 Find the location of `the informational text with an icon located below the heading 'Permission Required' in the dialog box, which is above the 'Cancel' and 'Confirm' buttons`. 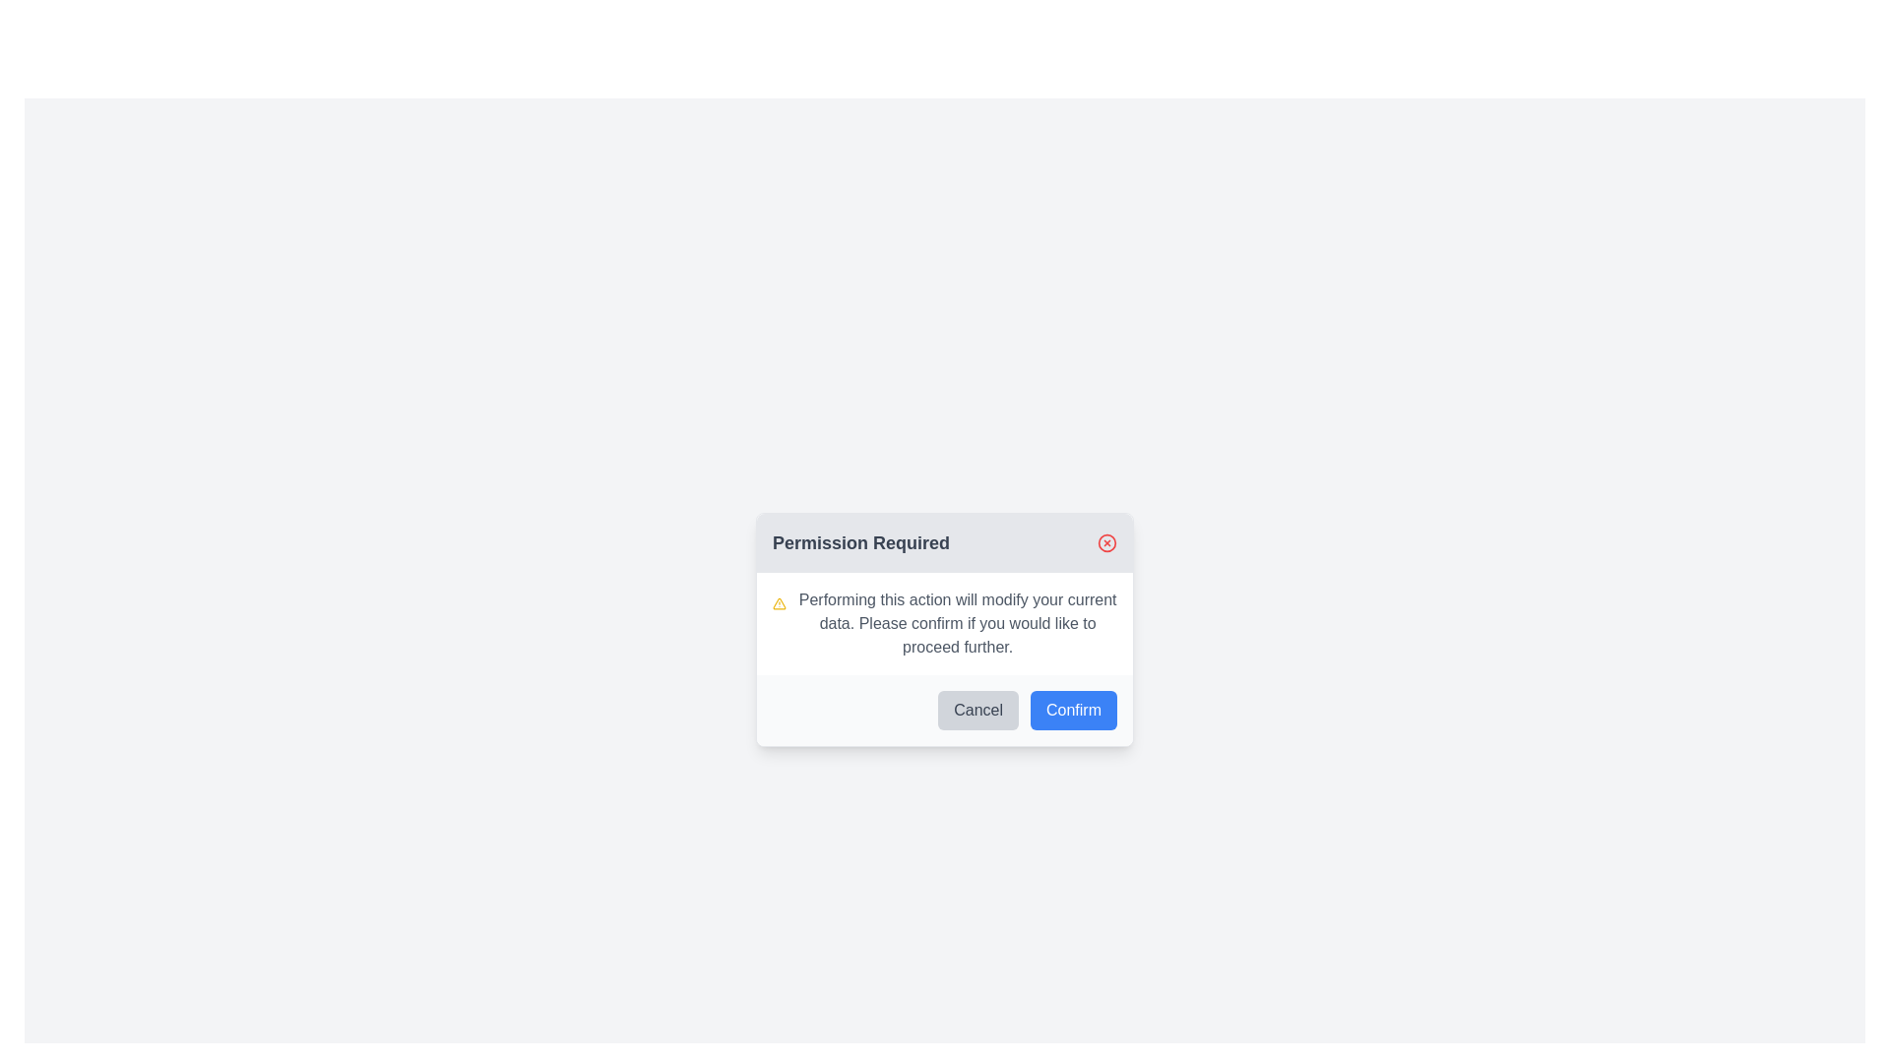

the informational text with an icon located below the heading 'Permission Required' in the dialog box, which is above the 'Cancel' and 'Confirm' buttons is located at coordinates (945, 623).